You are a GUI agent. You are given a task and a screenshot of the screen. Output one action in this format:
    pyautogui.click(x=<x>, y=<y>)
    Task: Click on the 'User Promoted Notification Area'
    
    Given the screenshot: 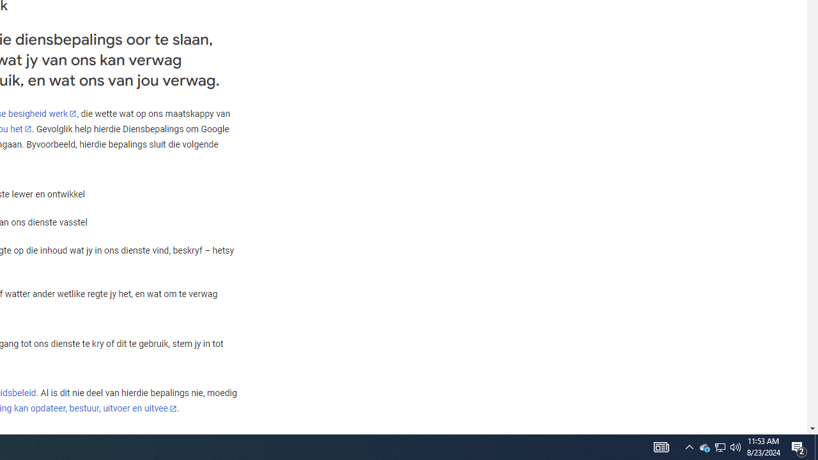 What is the action you would take?
    pyautogui.click(x=736, y=446)
    